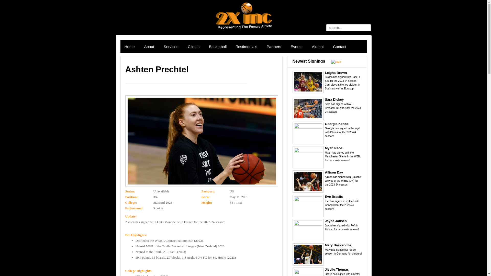 The height and width of the screenshot is (276, 491). What do you see at coordinates (325, 245) in the screenshot?
I see `'Mary Baskerville'` at bounding box center [325, 245].